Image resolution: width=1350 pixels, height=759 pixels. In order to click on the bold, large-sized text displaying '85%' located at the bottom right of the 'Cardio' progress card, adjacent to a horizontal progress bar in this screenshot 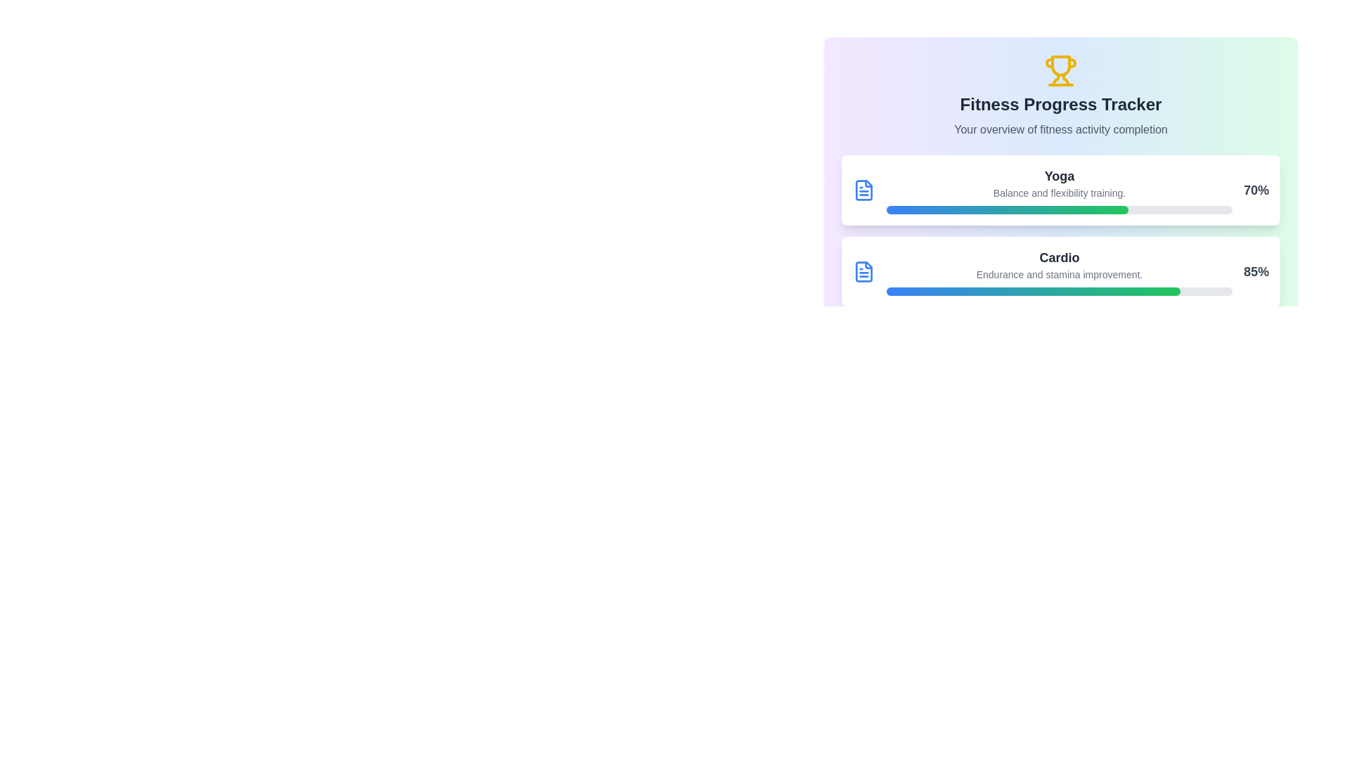, I will do `click(1256, 271)`.